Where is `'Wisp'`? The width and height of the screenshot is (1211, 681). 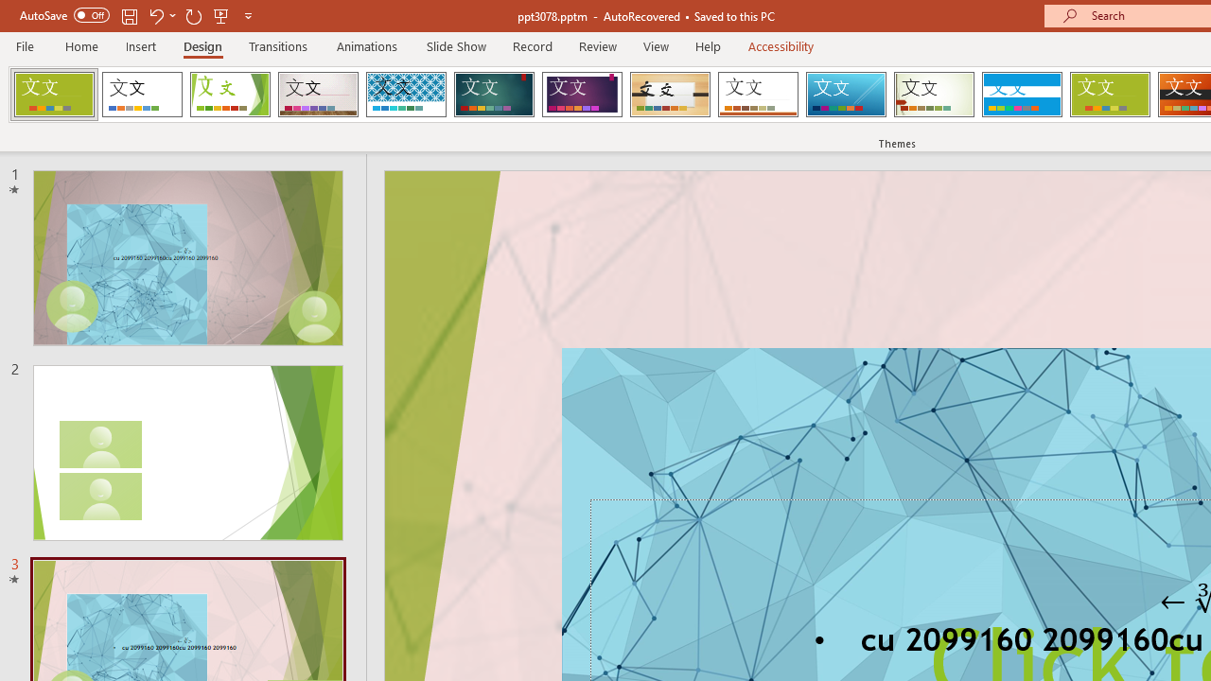
'Wisp' is located at coordinates (934, 95).